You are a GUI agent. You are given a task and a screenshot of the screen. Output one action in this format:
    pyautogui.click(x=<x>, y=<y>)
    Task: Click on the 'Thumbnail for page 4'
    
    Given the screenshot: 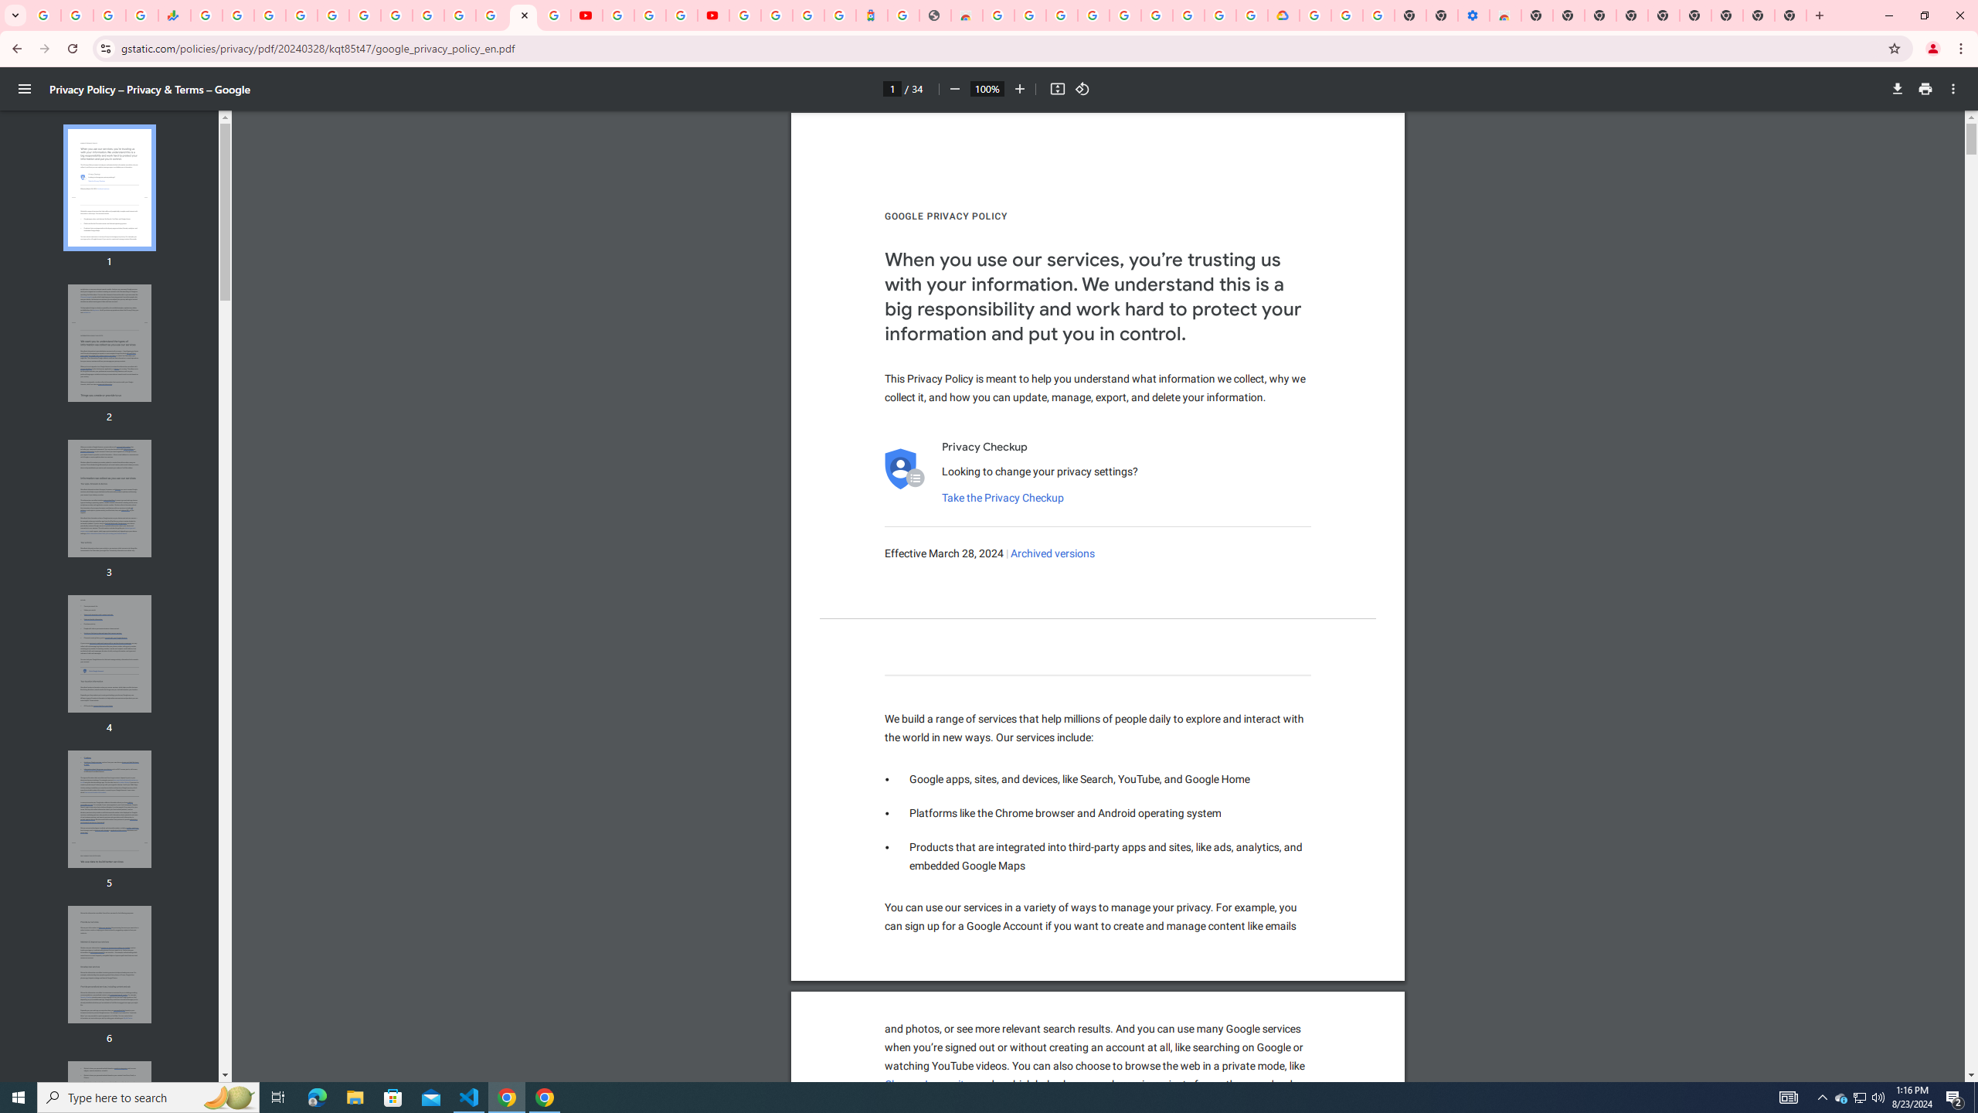 What is the action you would take?
    pyautogui.click(x=110, y=654)
    